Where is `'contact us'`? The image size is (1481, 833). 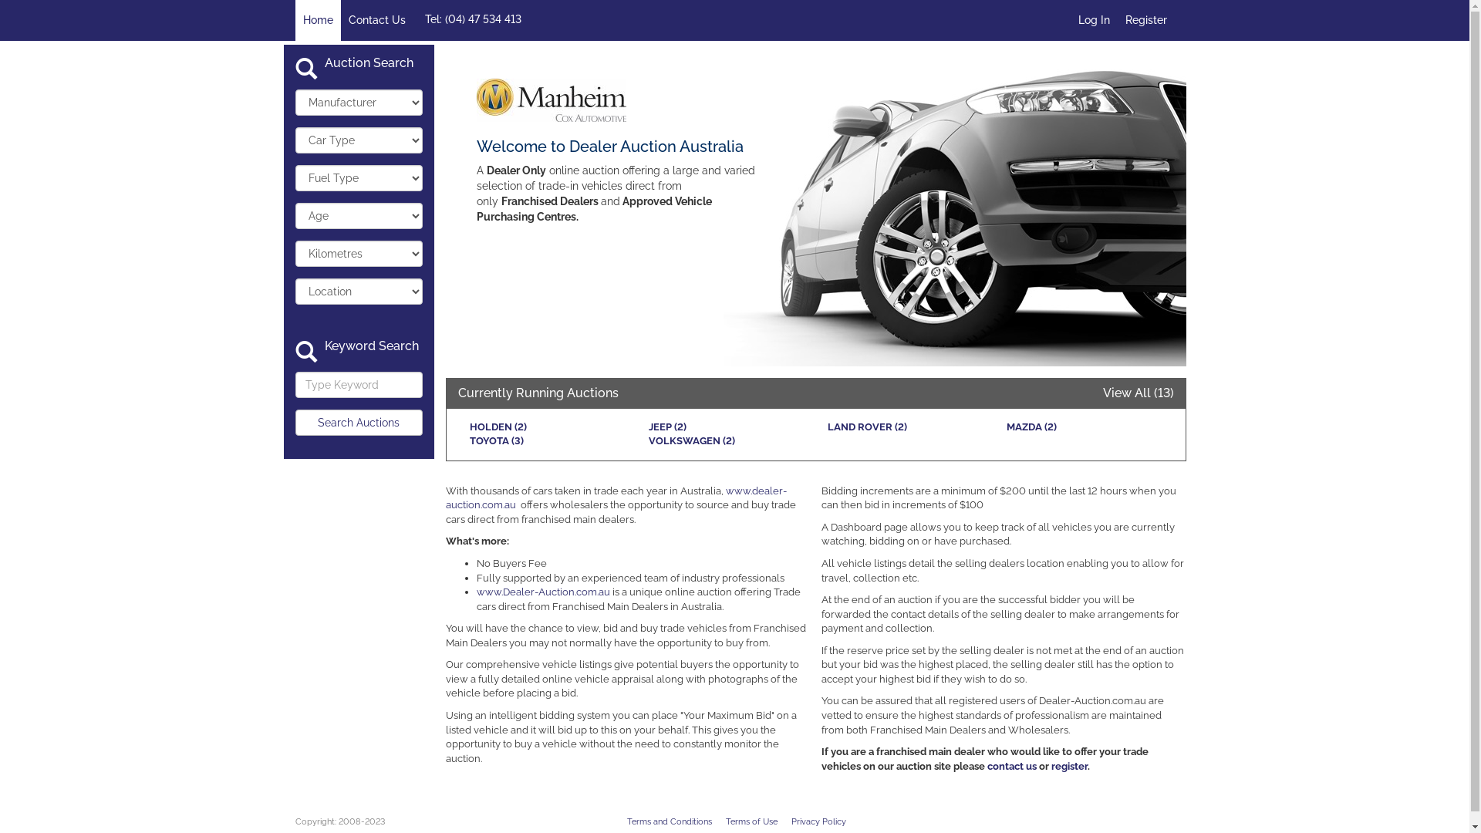
'contact us' is located at coordinates (987, 766).